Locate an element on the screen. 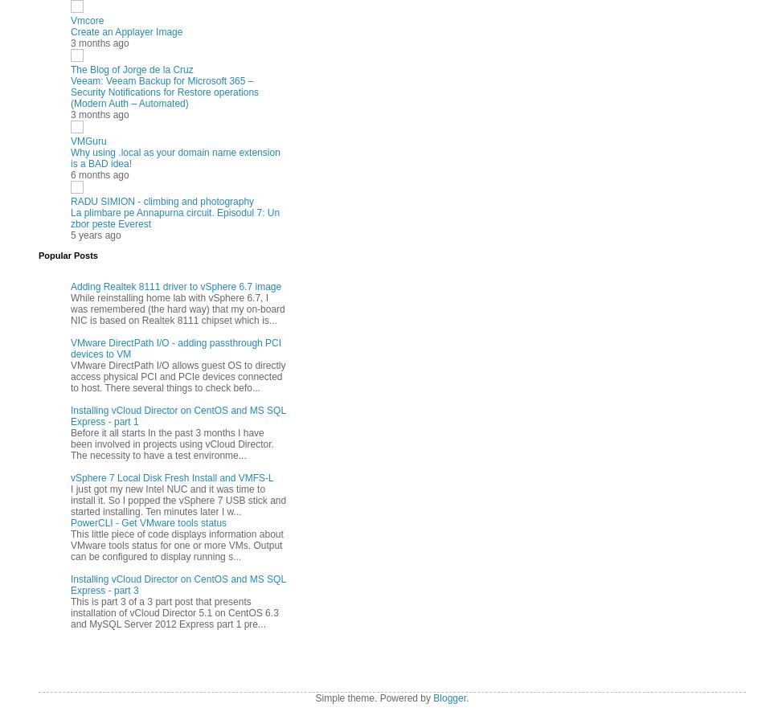  'VMware DirectPath I/O allows guest OS to directly access physical PCI and PCIe devices connected to host. There several things to check befo...' is located at coordinates (70, 375).